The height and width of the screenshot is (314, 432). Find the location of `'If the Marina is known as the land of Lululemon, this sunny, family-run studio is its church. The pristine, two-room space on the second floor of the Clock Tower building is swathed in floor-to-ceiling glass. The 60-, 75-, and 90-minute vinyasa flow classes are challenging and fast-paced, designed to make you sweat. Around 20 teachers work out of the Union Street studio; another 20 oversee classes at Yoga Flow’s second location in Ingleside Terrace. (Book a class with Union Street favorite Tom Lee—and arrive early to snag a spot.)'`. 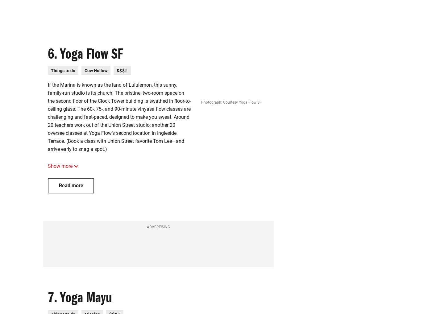

'If the Marina is known as the land of Lululemon, this sunny, family-run studio is its church. The pristine, two-room space on the second floor of the Clock Tower building is swathed in floor-to-ceiling glass. The 60-, 75-, and 90-minute vinyasa flow classes are challenging and fast-paced, designed to make you sweat. Around 20 teachers work out of the Union Street studio; another 20 oversee classes at Yoga Flow’s second location in Ingleside Terrace. (Book a class with Union Street favorite Tom Lee—and arrive early to snag a spot.)' is located at coordinates (119, 117).